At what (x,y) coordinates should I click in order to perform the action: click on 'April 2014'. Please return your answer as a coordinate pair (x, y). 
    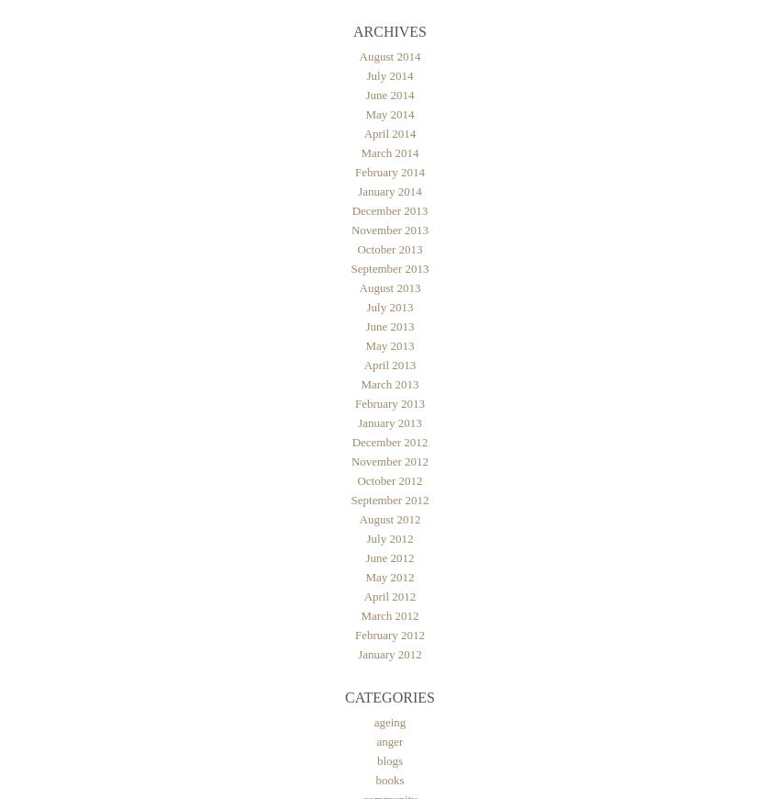
    Looking at the image, I should click on (389, 132).